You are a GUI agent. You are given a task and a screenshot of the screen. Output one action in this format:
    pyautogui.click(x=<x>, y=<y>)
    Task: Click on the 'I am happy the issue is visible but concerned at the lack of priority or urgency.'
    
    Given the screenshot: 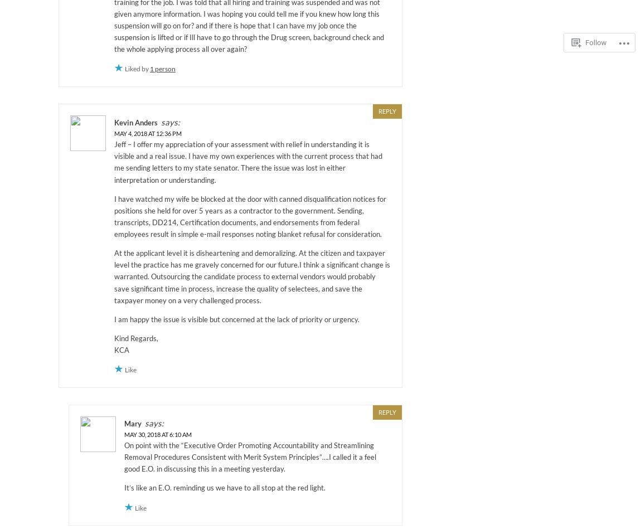 What is the action you would take?
    pyautogui.click(x=114, y=318)
    